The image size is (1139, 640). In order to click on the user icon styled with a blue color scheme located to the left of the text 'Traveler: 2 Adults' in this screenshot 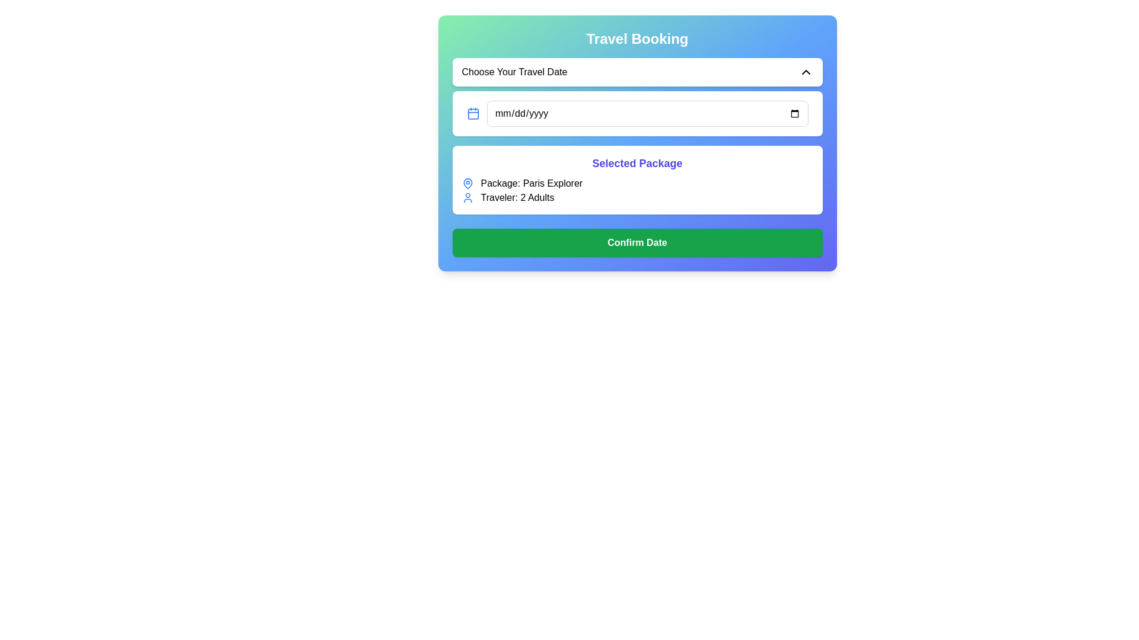, I will do `click(467, 197)`.